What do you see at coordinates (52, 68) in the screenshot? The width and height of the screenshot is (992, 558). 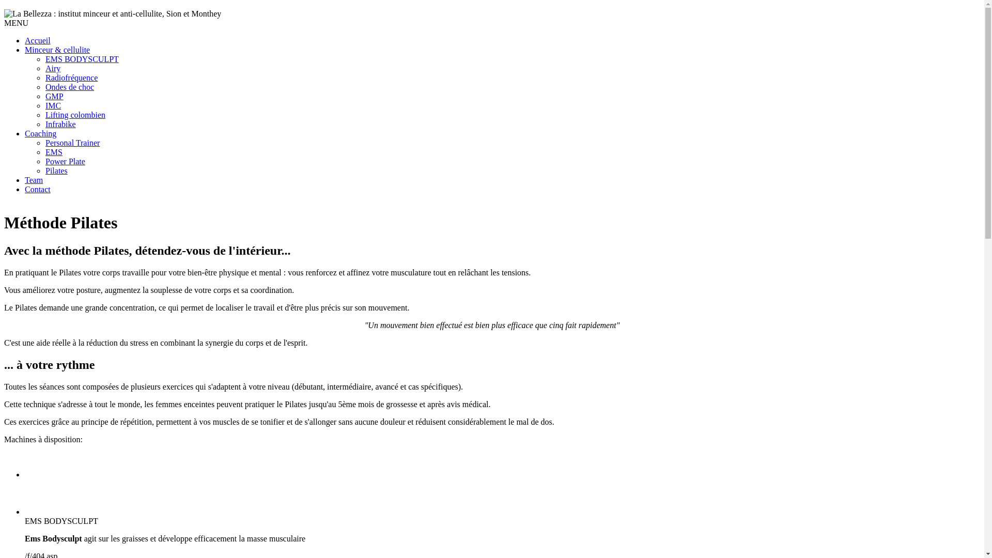 I see `'Airy'` at bounding box center [52, 68].